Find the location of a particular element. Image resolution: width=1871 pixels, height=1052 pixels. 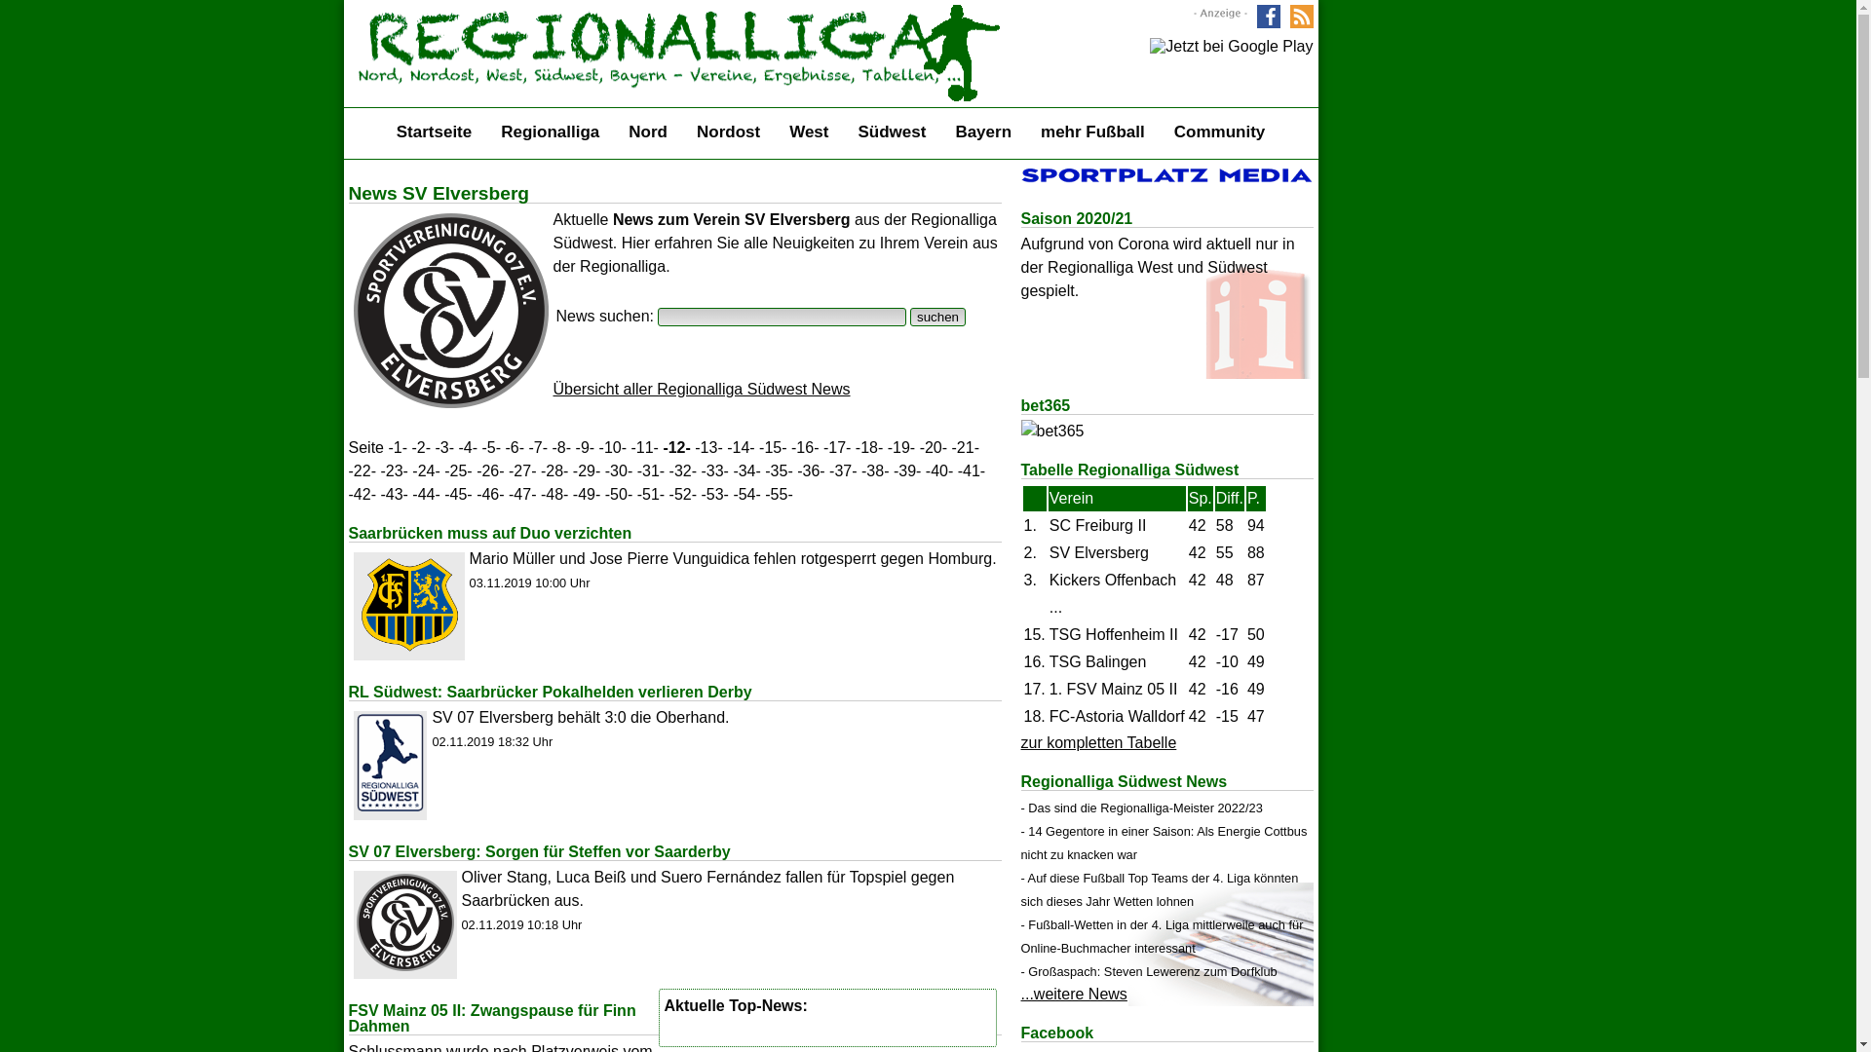

'-25-' is located at coordinates (457, 470).